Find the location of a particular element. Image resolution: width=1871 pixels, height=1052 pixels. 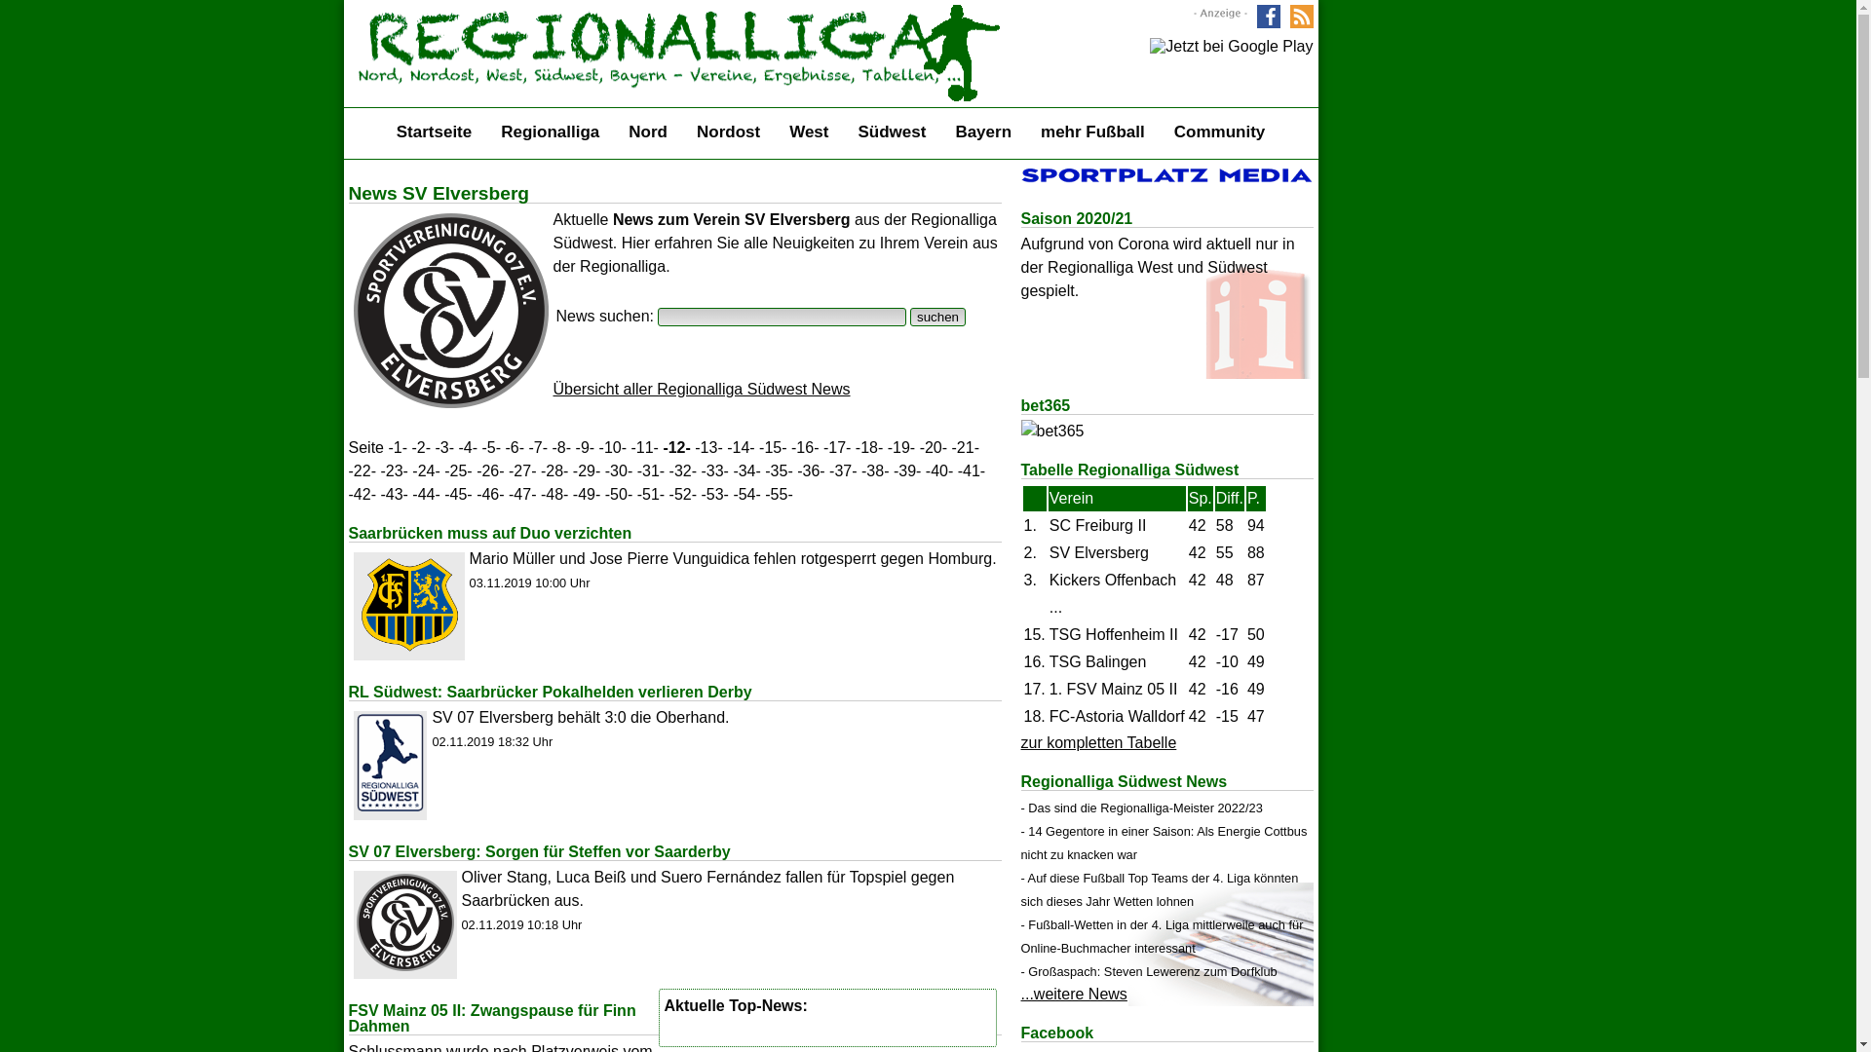

'-25-' is located at coordinates (457, 470).